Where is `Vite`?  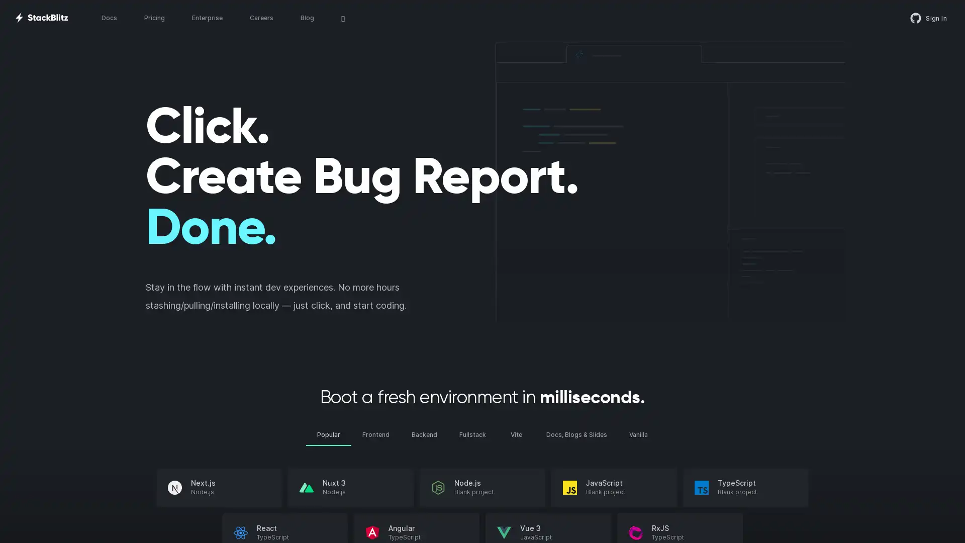
Vite is located at coordinates (516, 434).